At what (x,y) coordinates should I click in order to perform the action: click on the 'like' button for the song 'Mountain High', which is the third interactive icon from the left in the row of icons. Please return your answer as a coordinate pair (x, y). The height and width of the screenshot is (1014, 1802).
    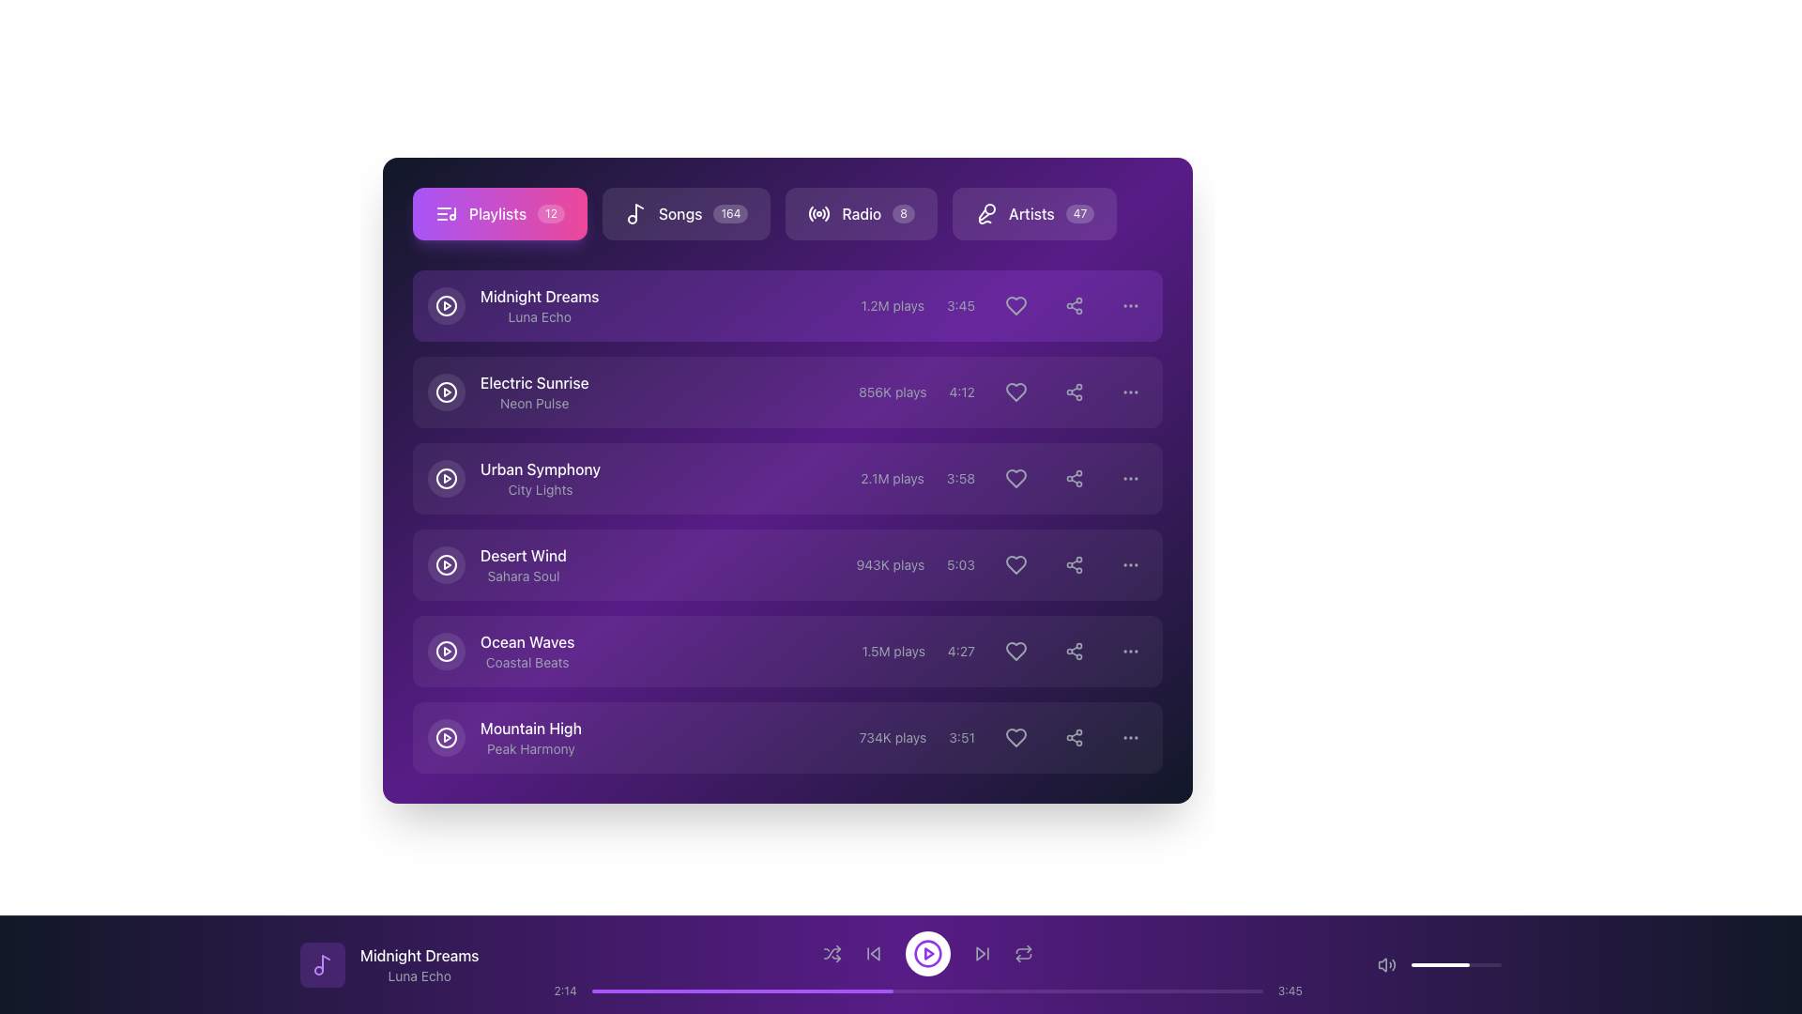
    Looking at the image, I should click on (1002, 737).